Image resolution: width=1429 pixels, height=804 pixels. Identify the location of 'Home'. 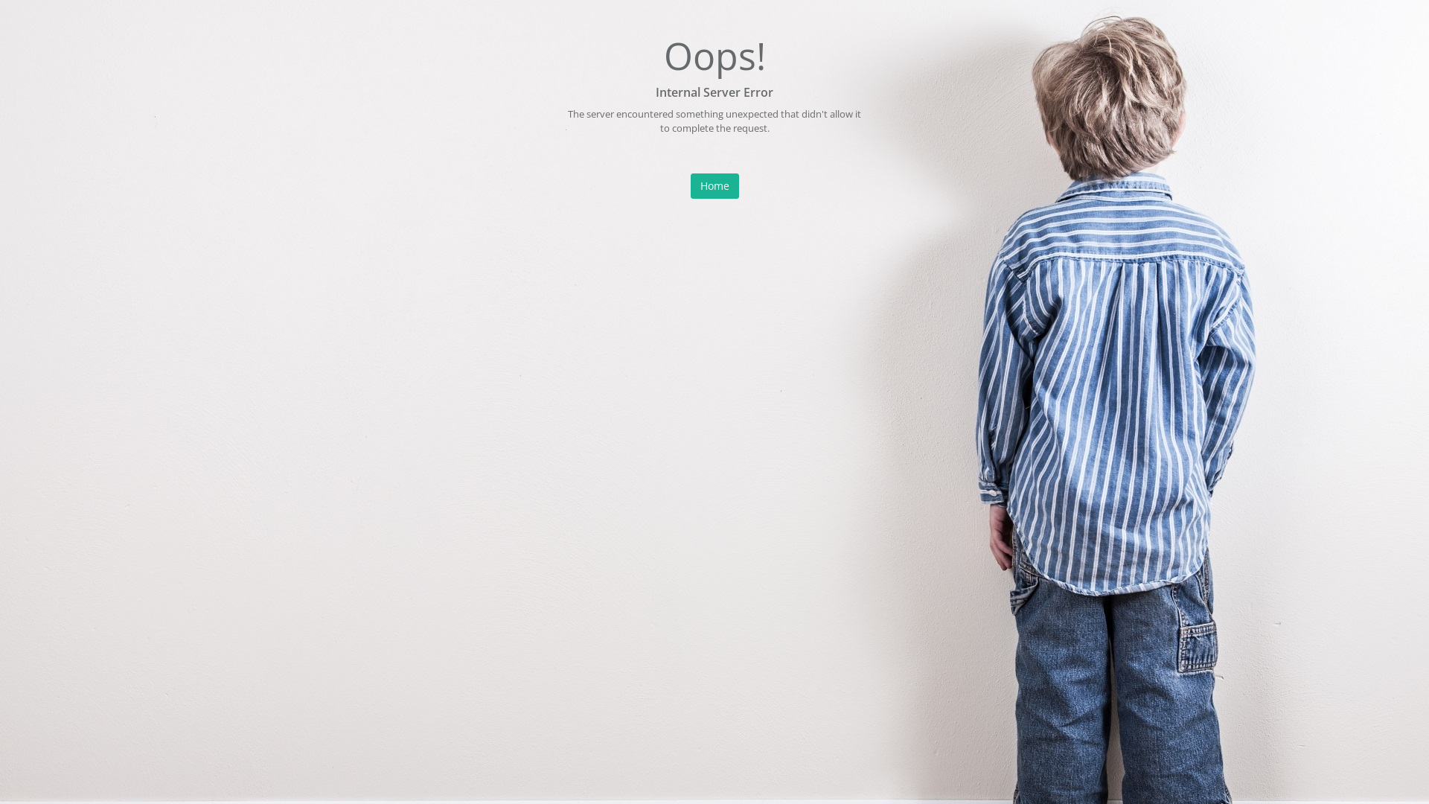
(714, 185).